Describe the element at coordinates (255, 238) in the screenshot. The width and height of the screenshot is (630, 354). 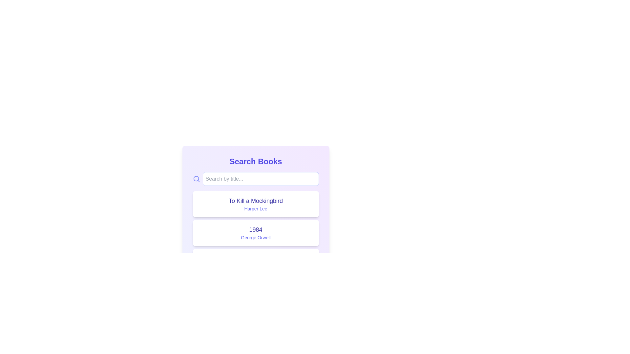
I see `author name displayed in the informational text label located at the bottom of the book details card, directly beneath the title '1984'` at that location.